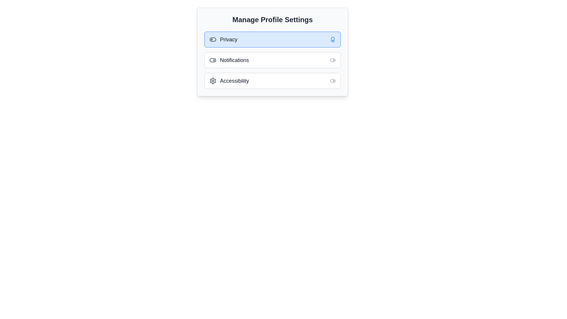 The height and width of the screenshot is (319, 567). I want to click on the toggle switch track element, which is a rounded rectangle with a light-colored outline located within the 'Accessibility' option, so click(333, 81).